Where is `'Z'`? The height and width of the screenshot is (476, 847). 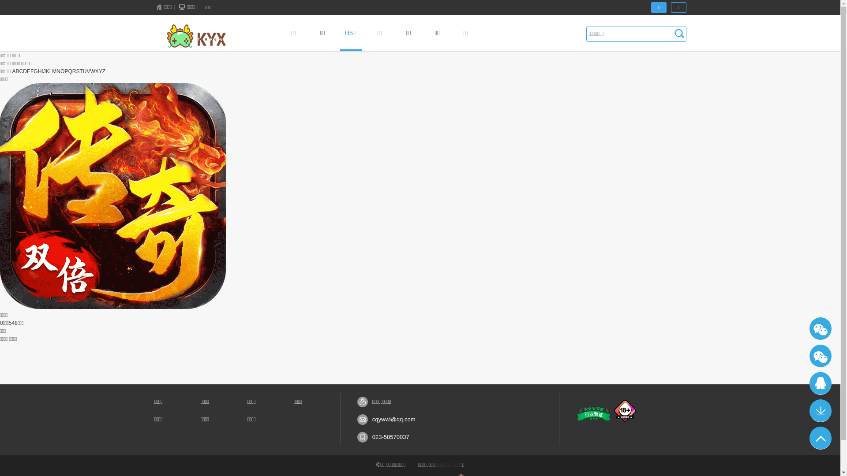
'Z' is located at coordinates (104, 71).